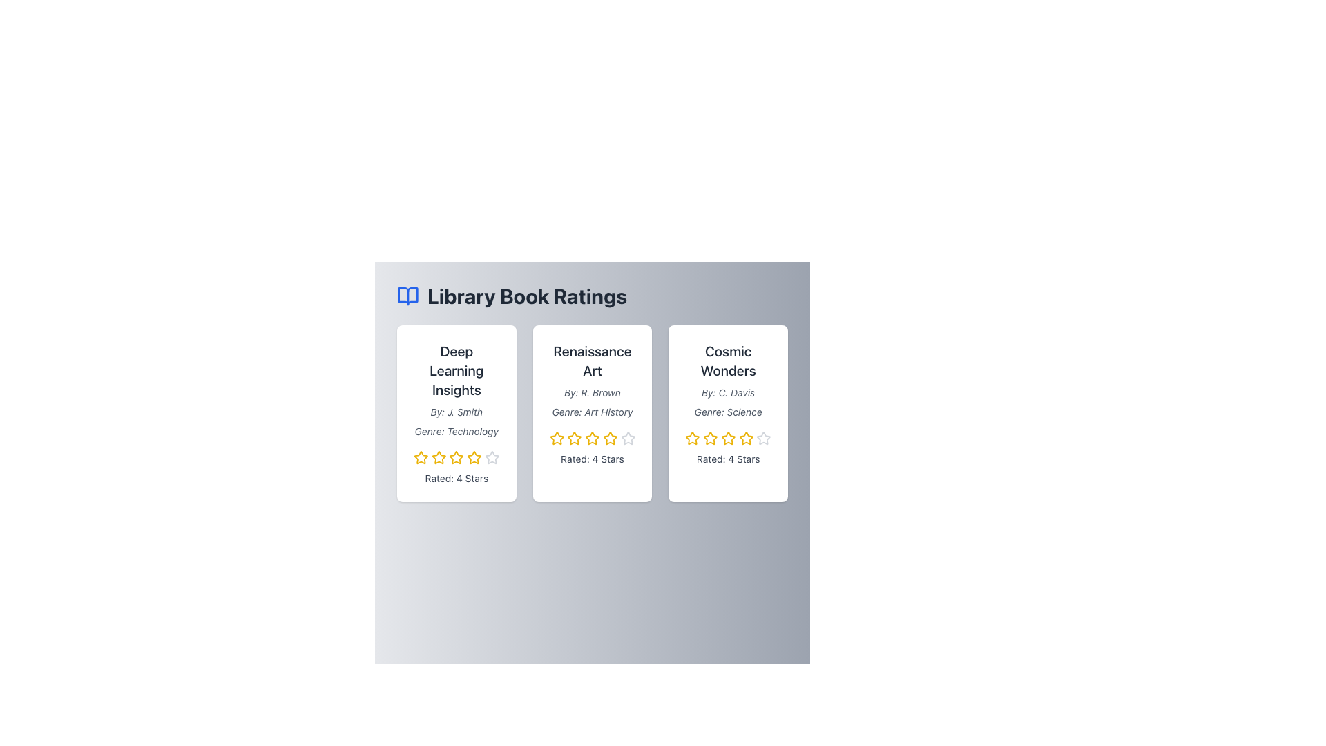 The height and width of the screenshot is (746, 1326). I want to click on the label displaying the title 'Renaissance Art', which is prominently styled in bold and larger font, centrally located within its card-like layout, so click(593, 361).